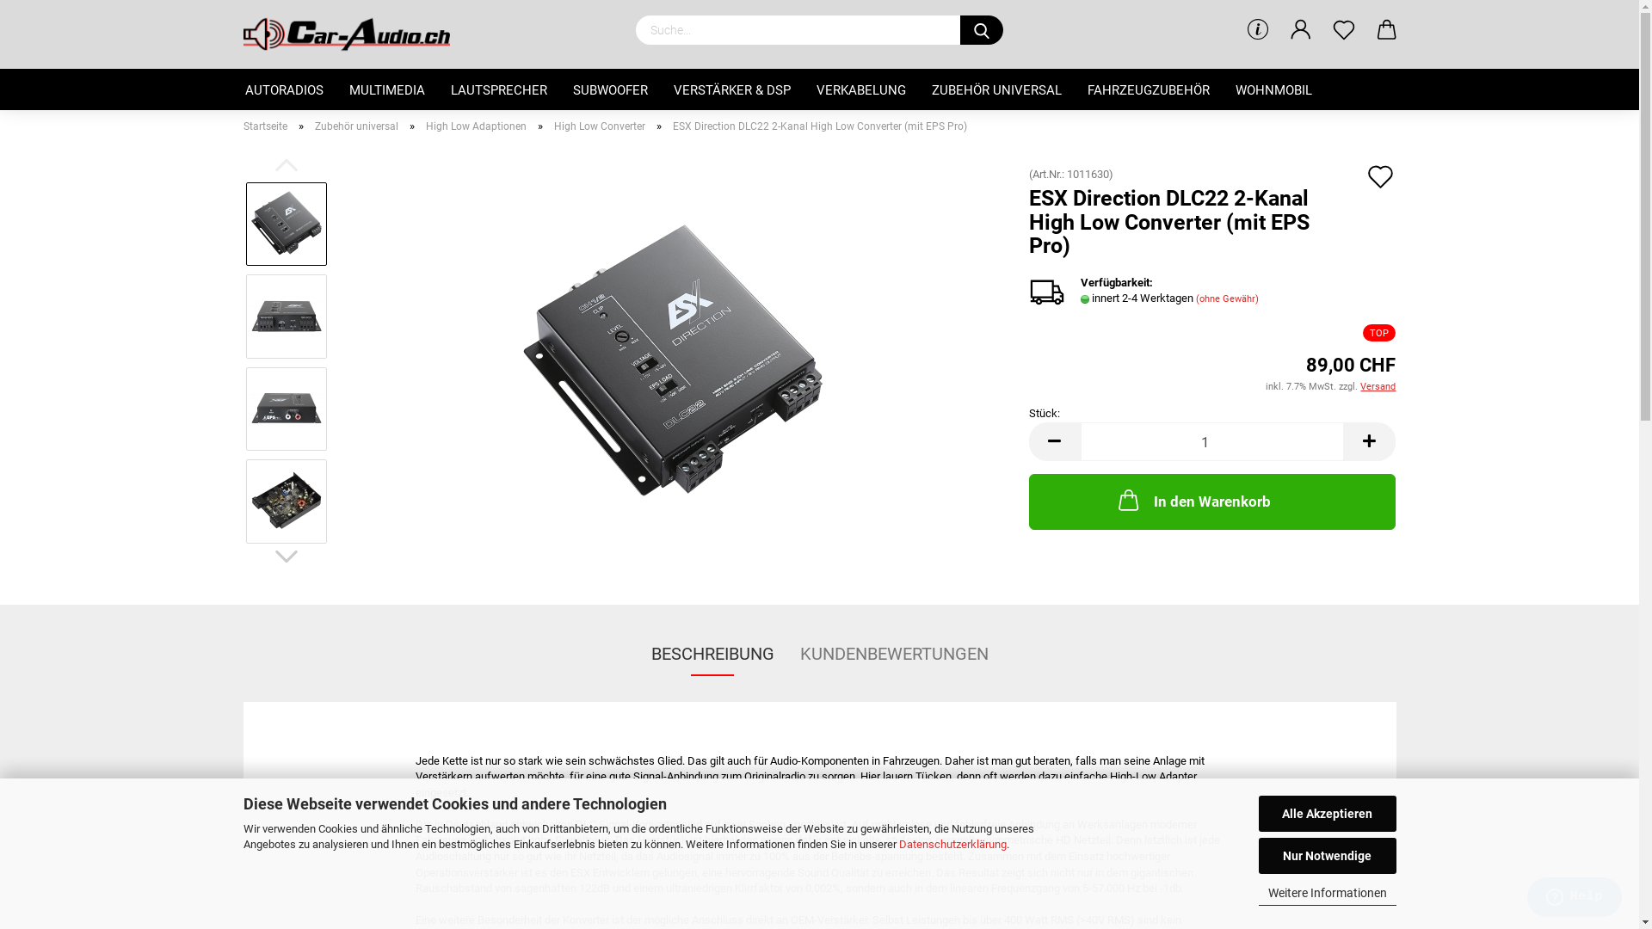 Image resolution: width=1652 pixels, height=929 pixels. I want to click on 'MULTIMEDIA', so click(385, 89).